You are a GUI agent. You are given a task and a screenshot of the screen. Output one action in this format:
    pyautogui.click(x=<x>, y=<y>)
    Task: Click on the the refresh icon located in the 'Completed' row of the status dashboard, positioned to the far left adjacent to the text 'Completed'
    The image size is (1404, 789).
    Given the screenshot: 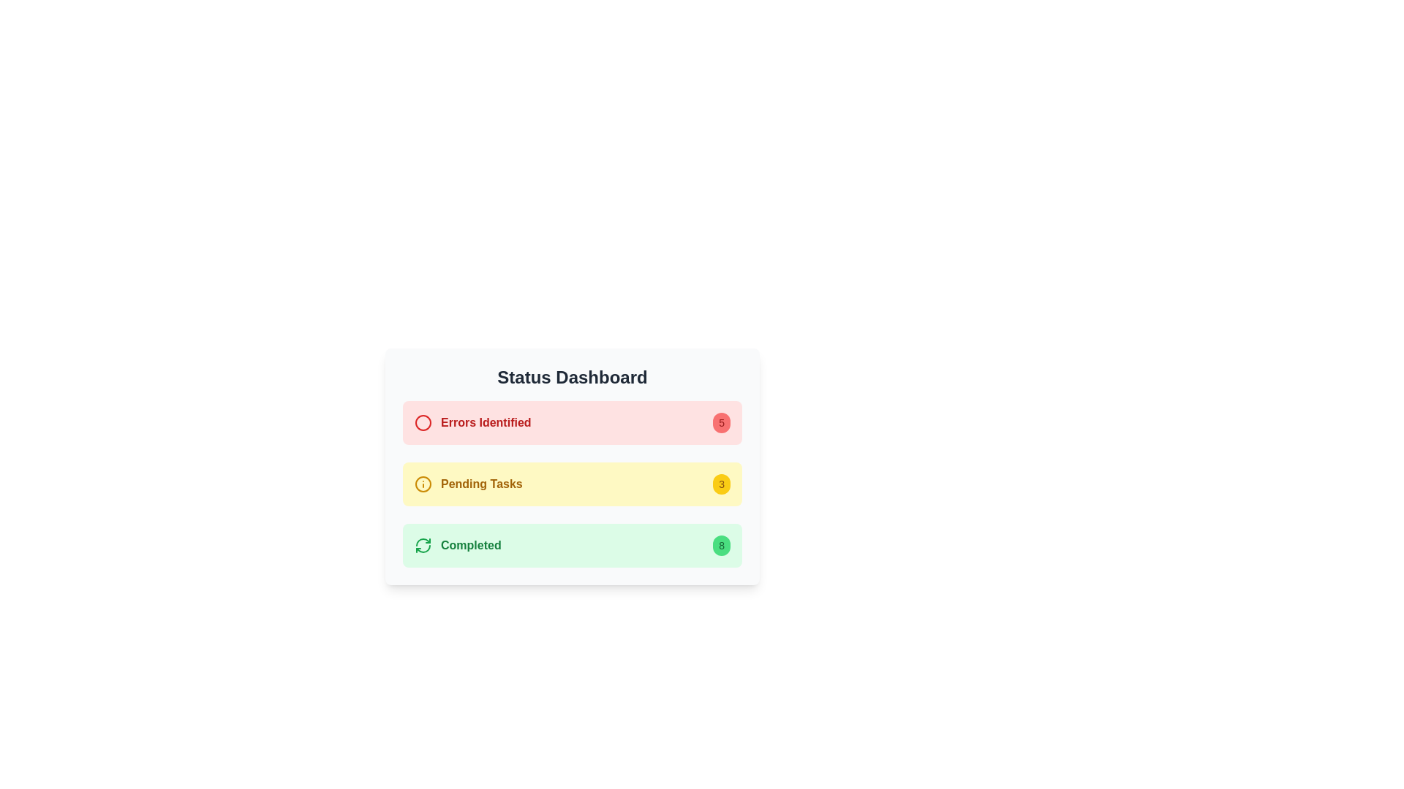 What is the action you would take?
    pyautogui.click(x=423, y=546)
    